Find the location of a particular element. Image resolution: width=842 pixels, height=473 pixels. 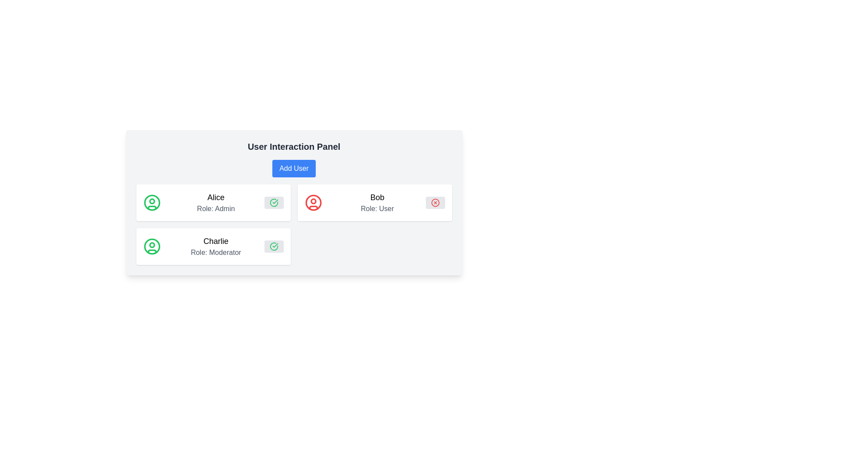

the user information display for 'Bob' which includes the name in bold and the role 'User' in gray, located in the second card of a vertical list of user cards is located at coordinates (377, 202).